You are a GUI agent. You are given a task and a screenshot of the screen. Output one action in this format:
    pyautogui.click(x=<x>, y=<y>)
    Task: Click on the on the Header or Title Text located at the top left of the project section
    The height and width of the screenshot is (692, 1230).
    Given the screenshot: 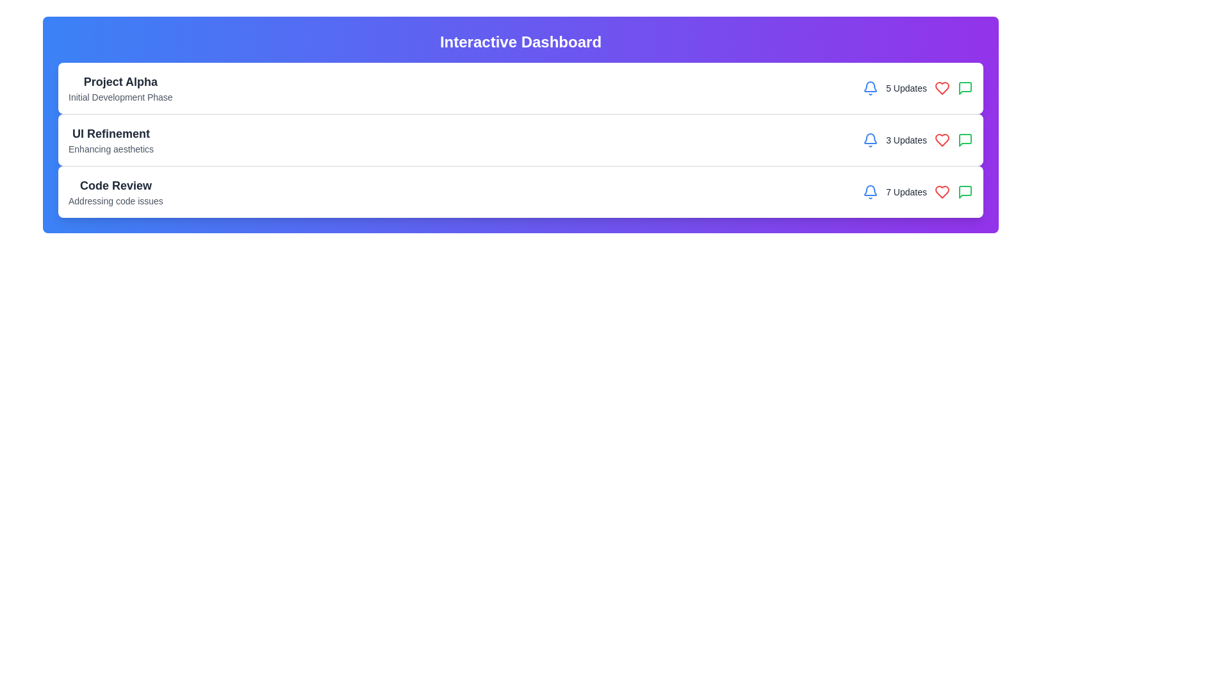 What is the action you would take?
    pyautogui.click(x=120, y=81)
    